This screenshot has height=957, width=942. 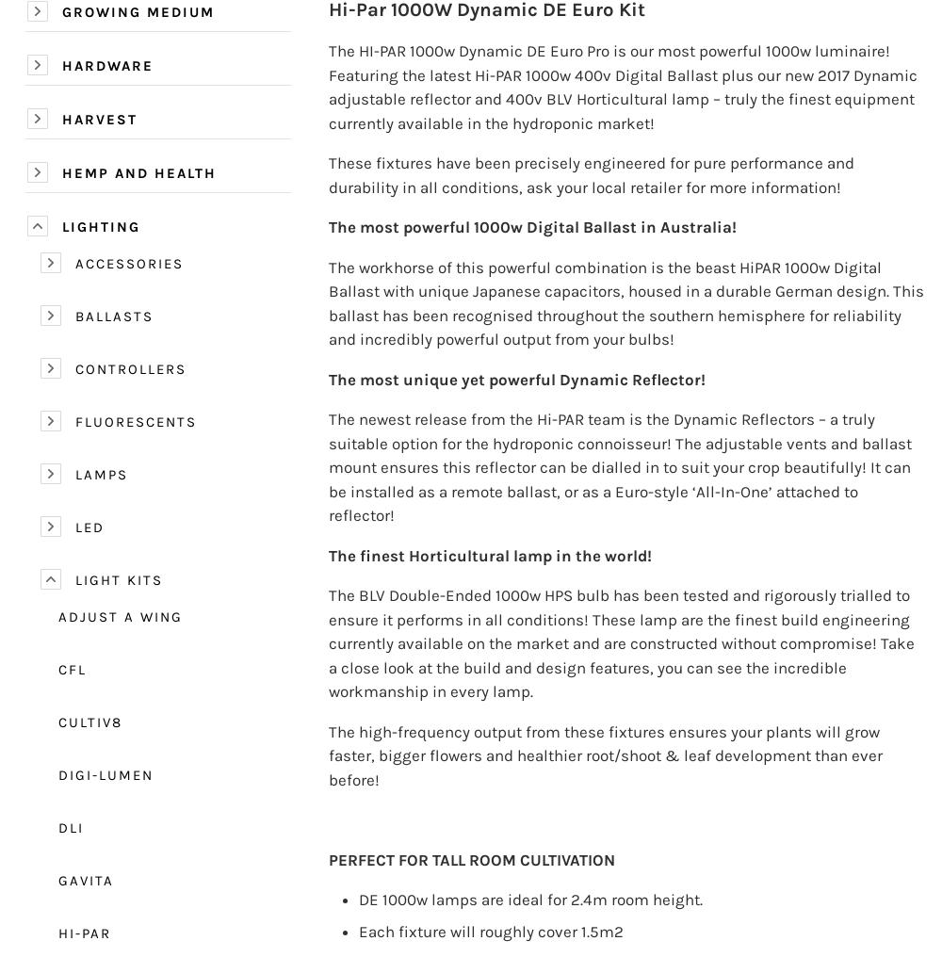 What do you see at coordinates (84, 933) in the screenshot?
I see `'Hi-Par'` at bounding box center [84, 933].